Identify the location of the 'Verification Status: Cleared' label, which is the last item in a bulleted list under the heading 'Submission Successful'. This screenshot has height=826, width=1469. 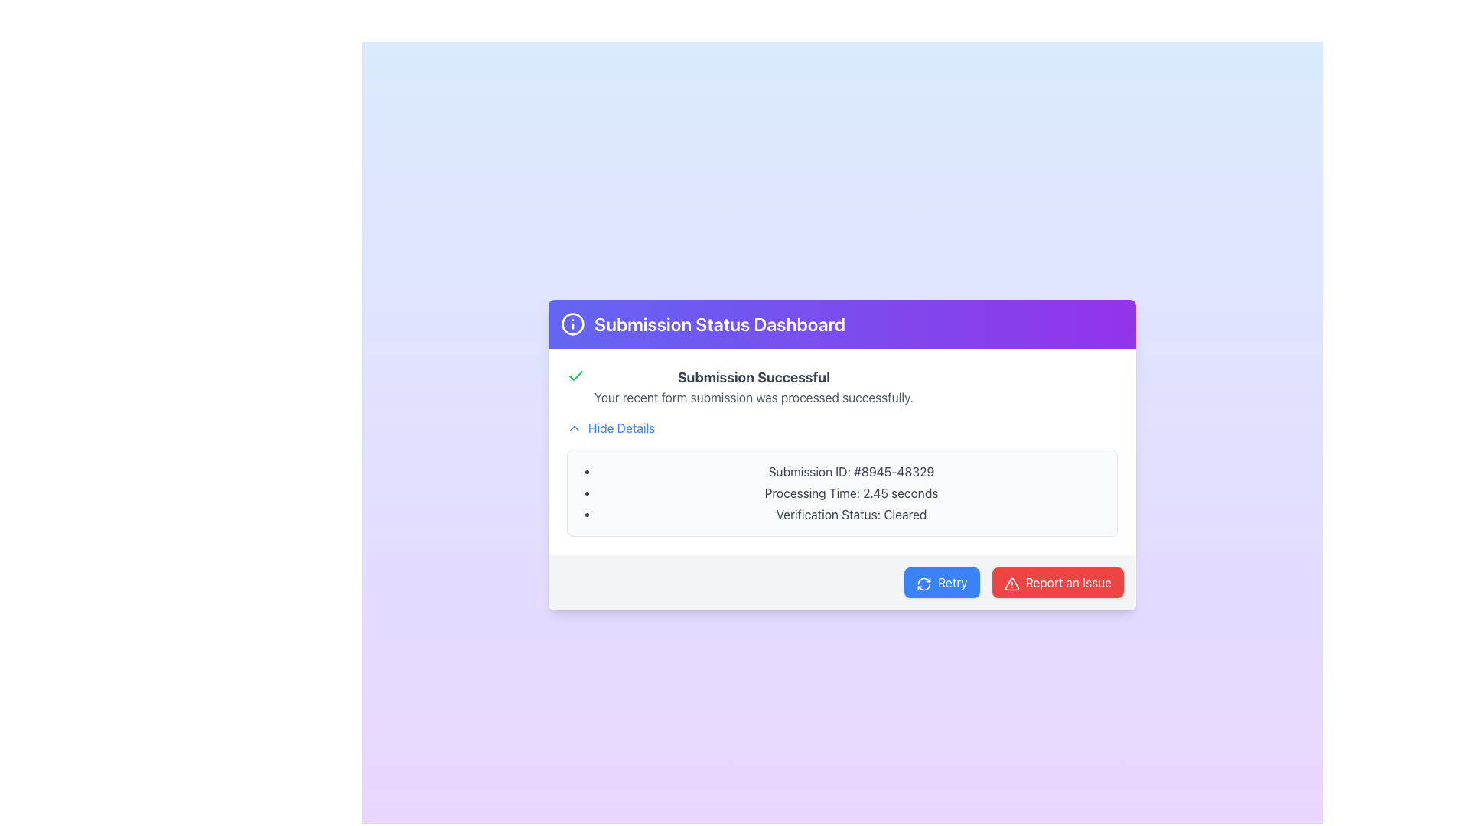
(851, 514).